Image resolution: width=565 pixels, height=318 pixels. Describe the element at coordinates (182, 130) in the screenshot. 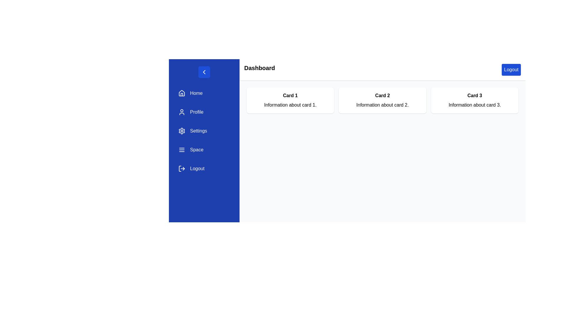

I see `the gear icon representing the settings function, which is a blue SVG graphic located in the sidebar` at that location.